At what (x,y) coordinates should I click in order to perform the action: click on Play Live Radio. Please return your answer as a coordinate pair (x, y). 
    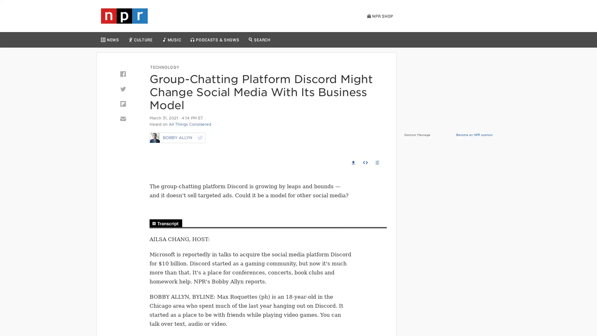
    Looking at the image, I should click on (449, 18).